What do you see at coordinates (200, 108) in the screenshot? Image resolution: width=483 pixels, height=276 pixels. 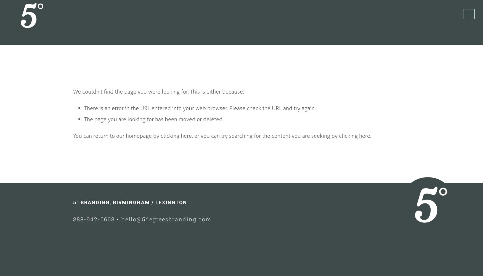 I see `'There is an error in the URL entered into your web browser. Please check the URL and try again.'` at bounding box center [200, 108].